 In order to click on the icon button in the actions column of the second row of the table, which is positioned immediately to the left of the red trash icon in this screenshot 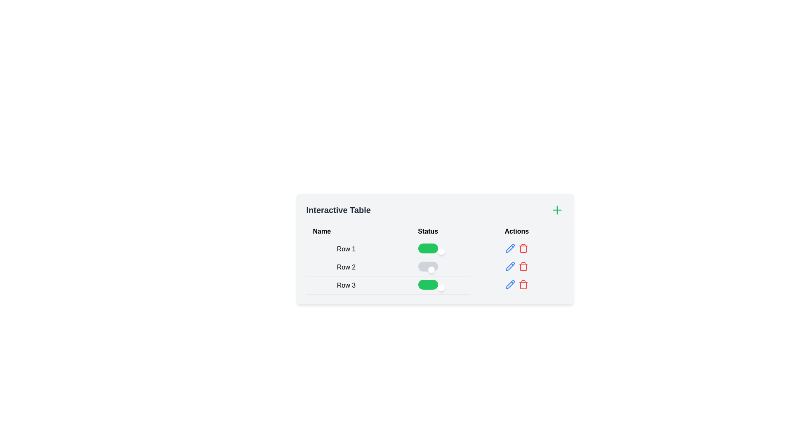, I will do `click(509, 248)`.